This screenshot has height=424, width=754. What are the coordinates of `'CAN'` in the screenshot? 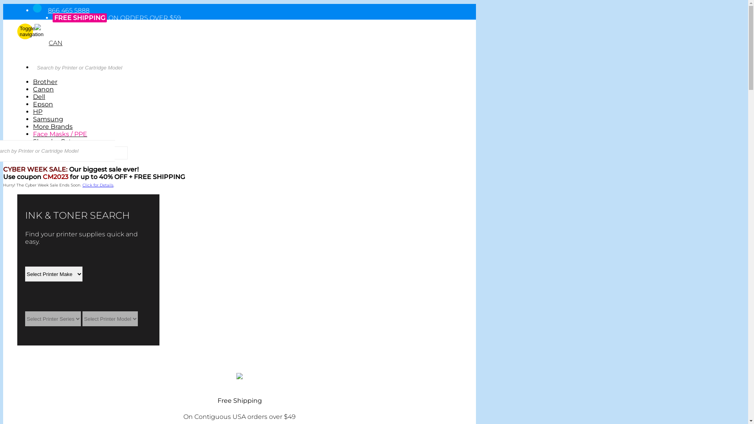 It's located at (55, 43).